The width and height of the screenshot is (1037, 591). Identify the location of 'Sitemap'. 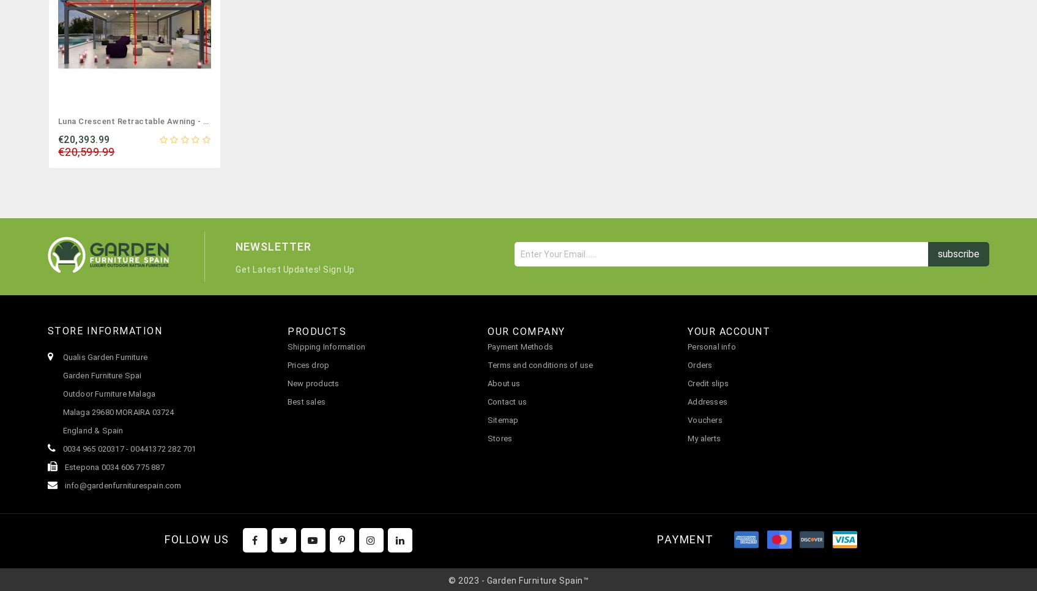
(503, 419).